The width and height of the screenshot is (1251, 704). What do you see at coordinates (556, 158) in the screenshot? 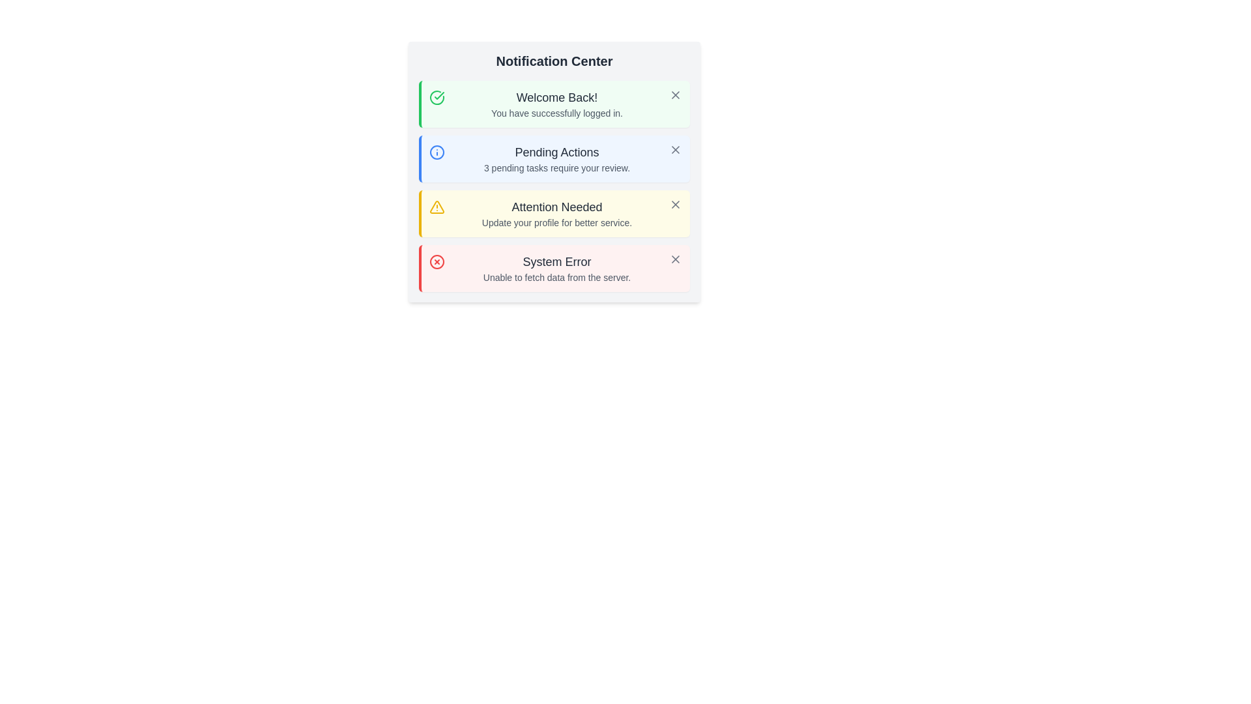
I see `the 'Pending Actions' notification element, which contains the heading and subheading about pending tasks, prominently displayed in a blue-themed bordered box` at bounding box center [556, 158].